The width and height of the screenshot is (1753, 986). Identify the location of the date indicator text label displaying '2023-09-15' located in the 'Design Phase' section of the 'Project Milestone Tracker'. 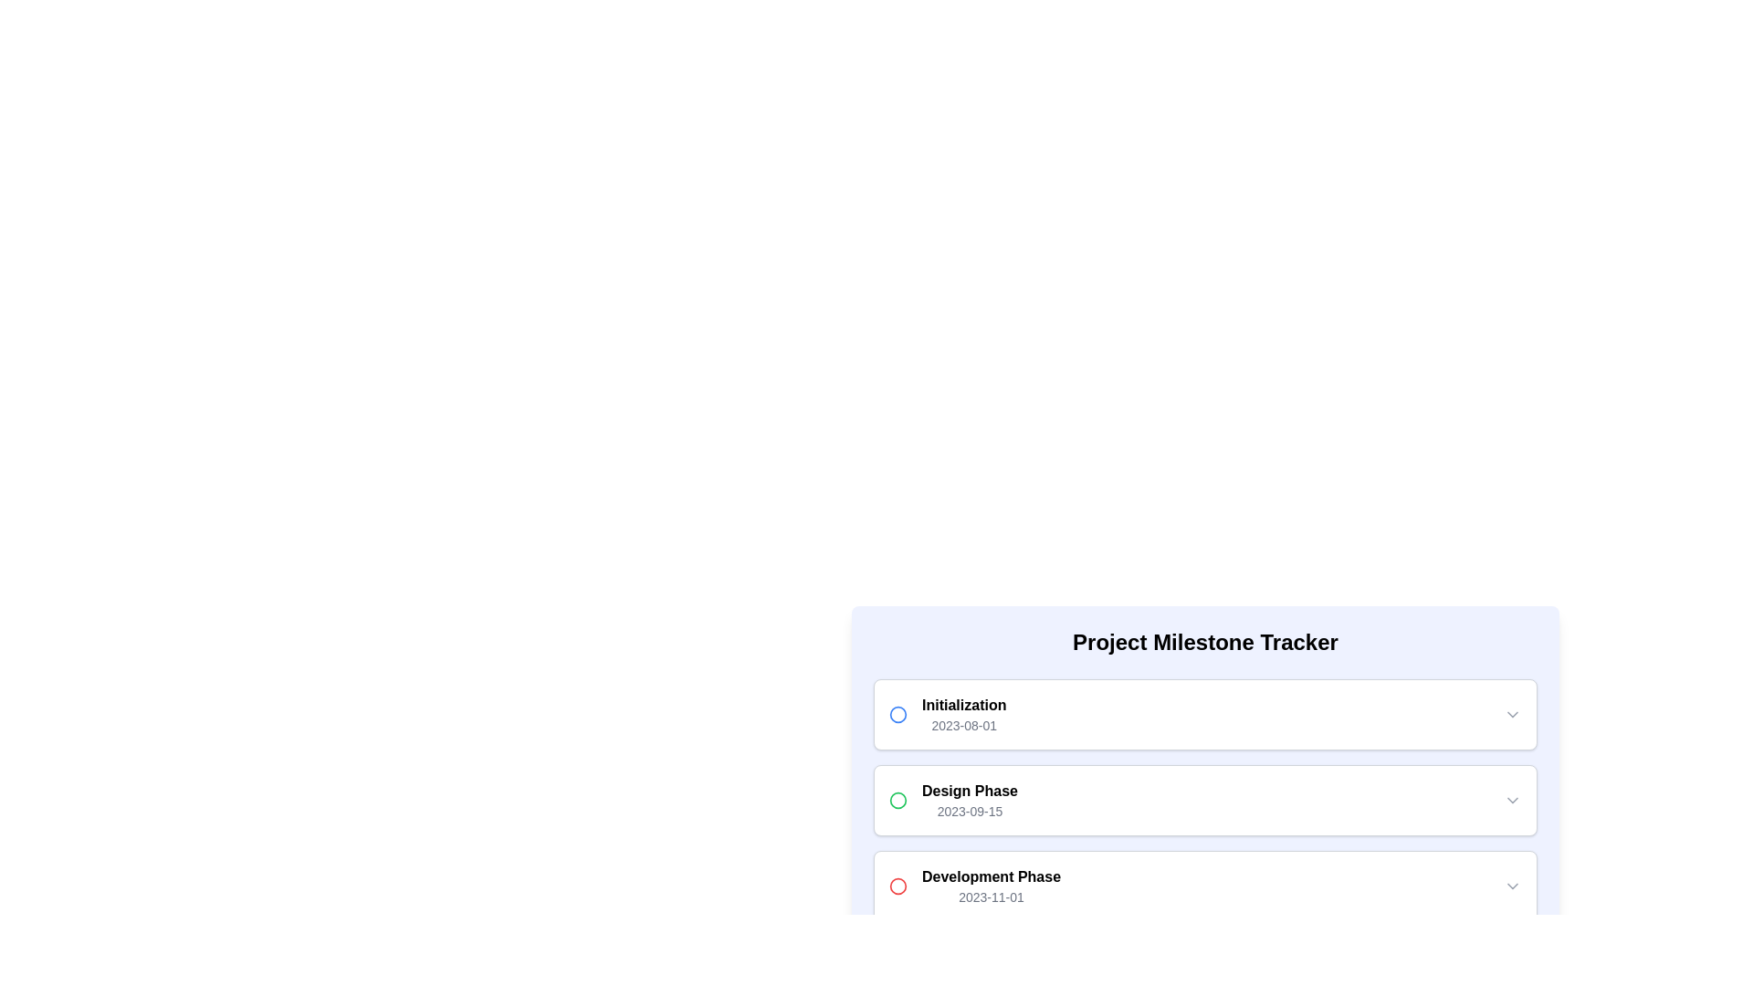
(969, 810).